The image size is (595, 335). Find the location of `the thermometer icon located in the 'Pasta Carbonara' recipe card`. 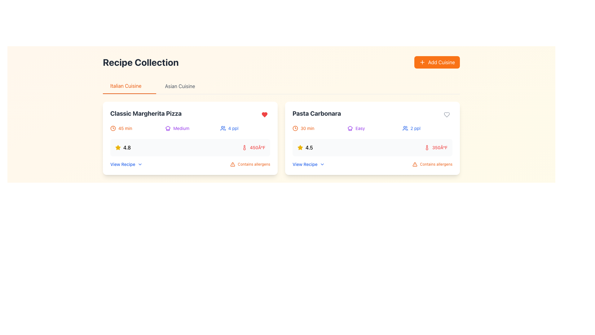

the thermometer icon located in the 'Pasta Carbonara' recipe card is located at coordinates (426, 147).